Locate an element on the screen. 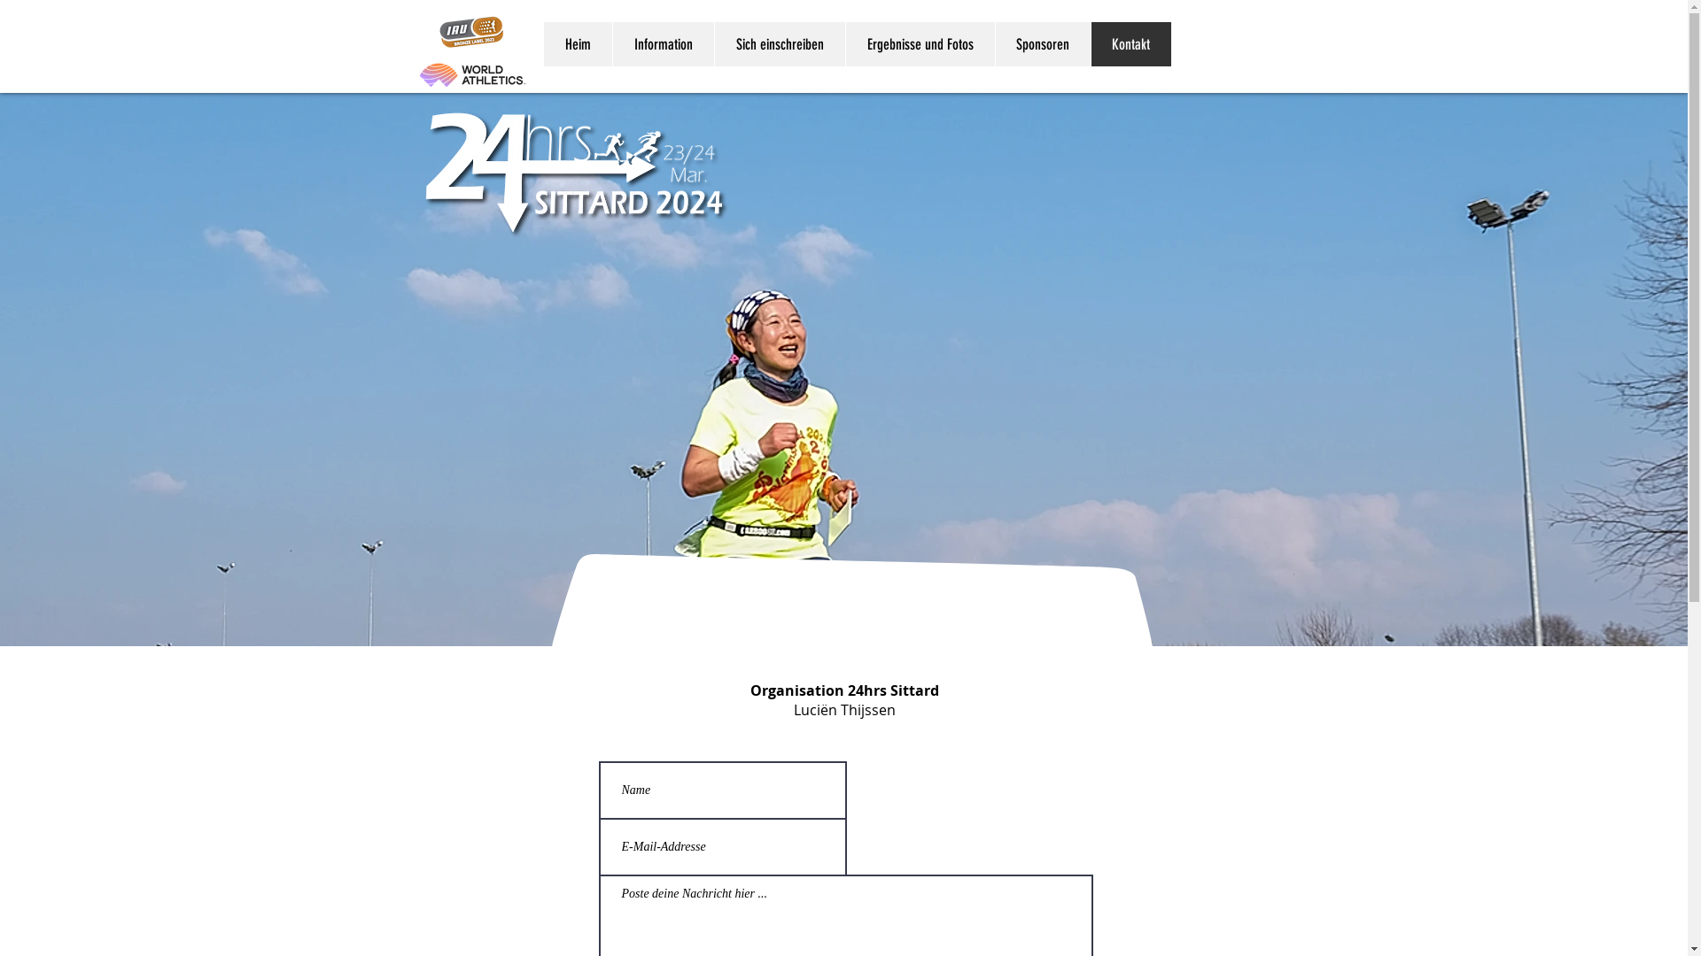 The image size is (1701, 956). 'Information' is located at coordinates (611, 43).